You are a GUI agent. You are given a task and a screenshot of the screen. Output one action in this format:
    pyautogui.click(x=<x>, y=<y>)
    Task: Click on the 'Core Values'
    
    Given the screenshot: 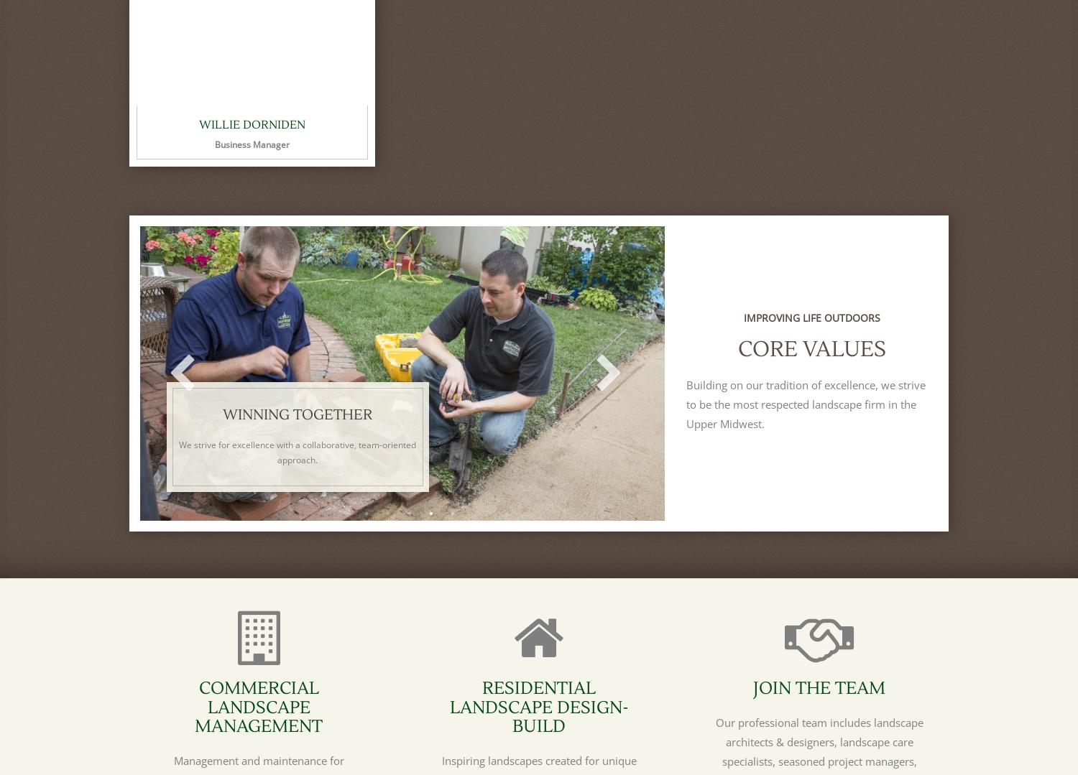 What is the action you would take?
    pyautogui.click(x=811, y=348)
    